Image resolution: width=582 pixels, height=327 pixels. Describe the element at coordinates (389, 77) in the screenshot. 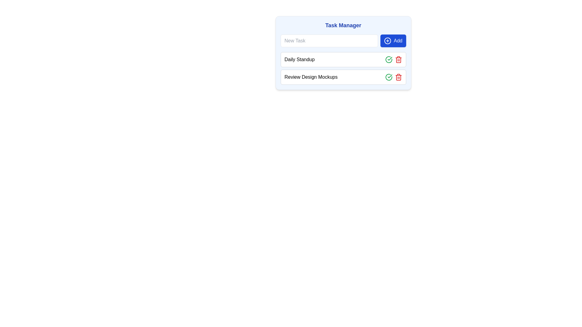

I see `the Icon Button located in the second task row, to the right of the task title 'Review Design Mockups'` at that location.